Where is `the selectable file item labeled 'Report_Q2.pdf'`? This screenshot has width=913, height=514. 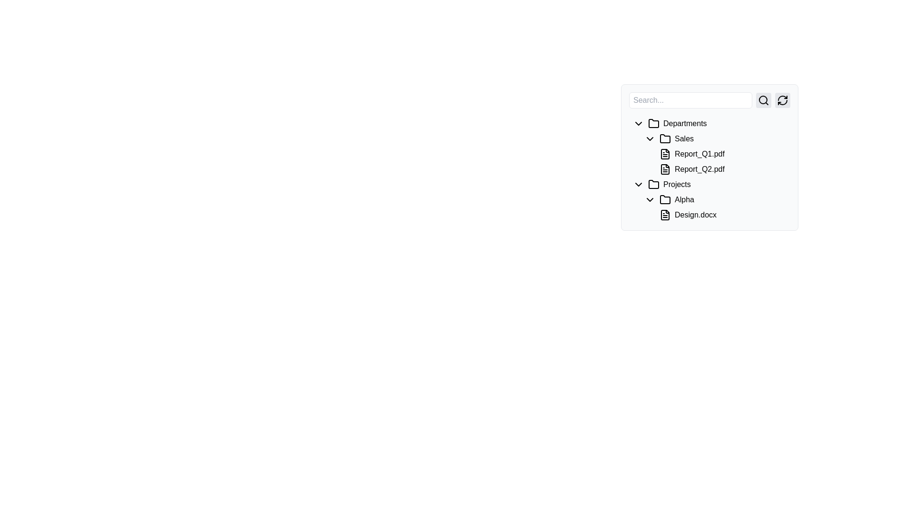 the selectable file item labeled 'Report_Q2.pdf' is located at coordinates (721, 168).